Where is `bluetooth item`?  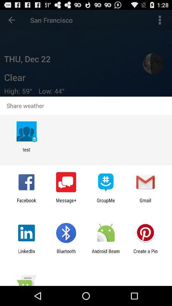 bluetooth item is located at coordinates (66, 254).